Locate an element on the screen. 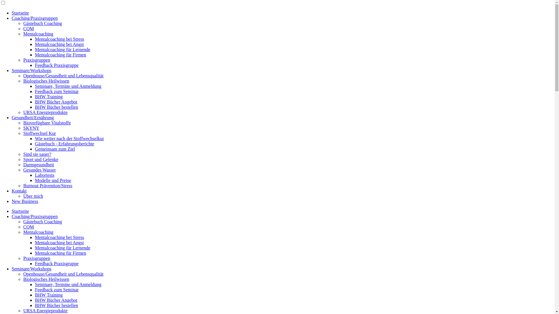 This screenshot has width=559, height=314. 'Mentalcoaching' is located at coordinates (38, 232).